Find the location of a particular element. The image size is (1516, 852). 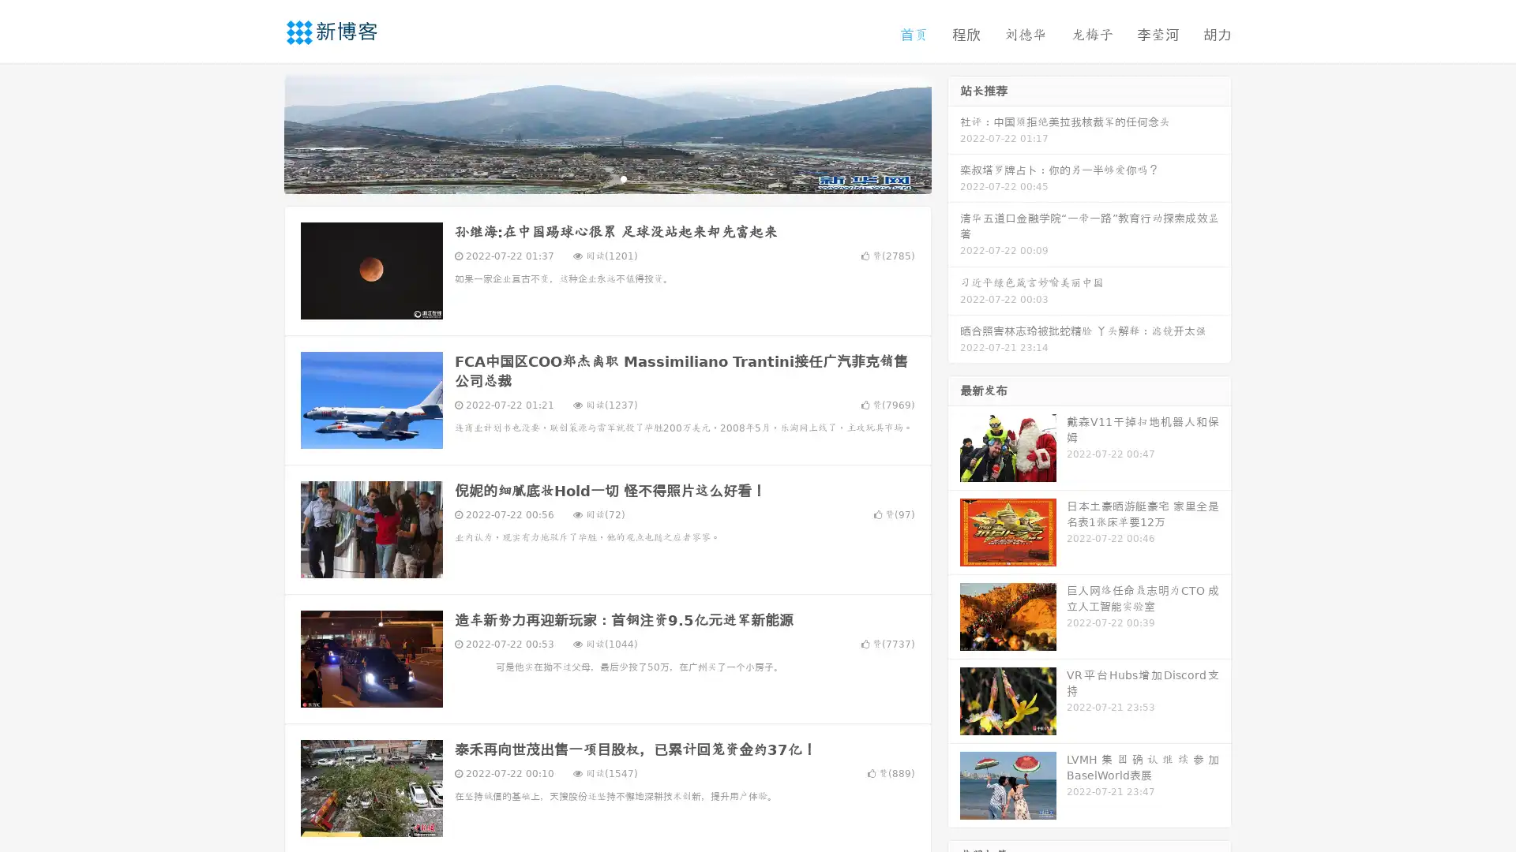

Go to slide 3 is located at coordinates (623, 177).